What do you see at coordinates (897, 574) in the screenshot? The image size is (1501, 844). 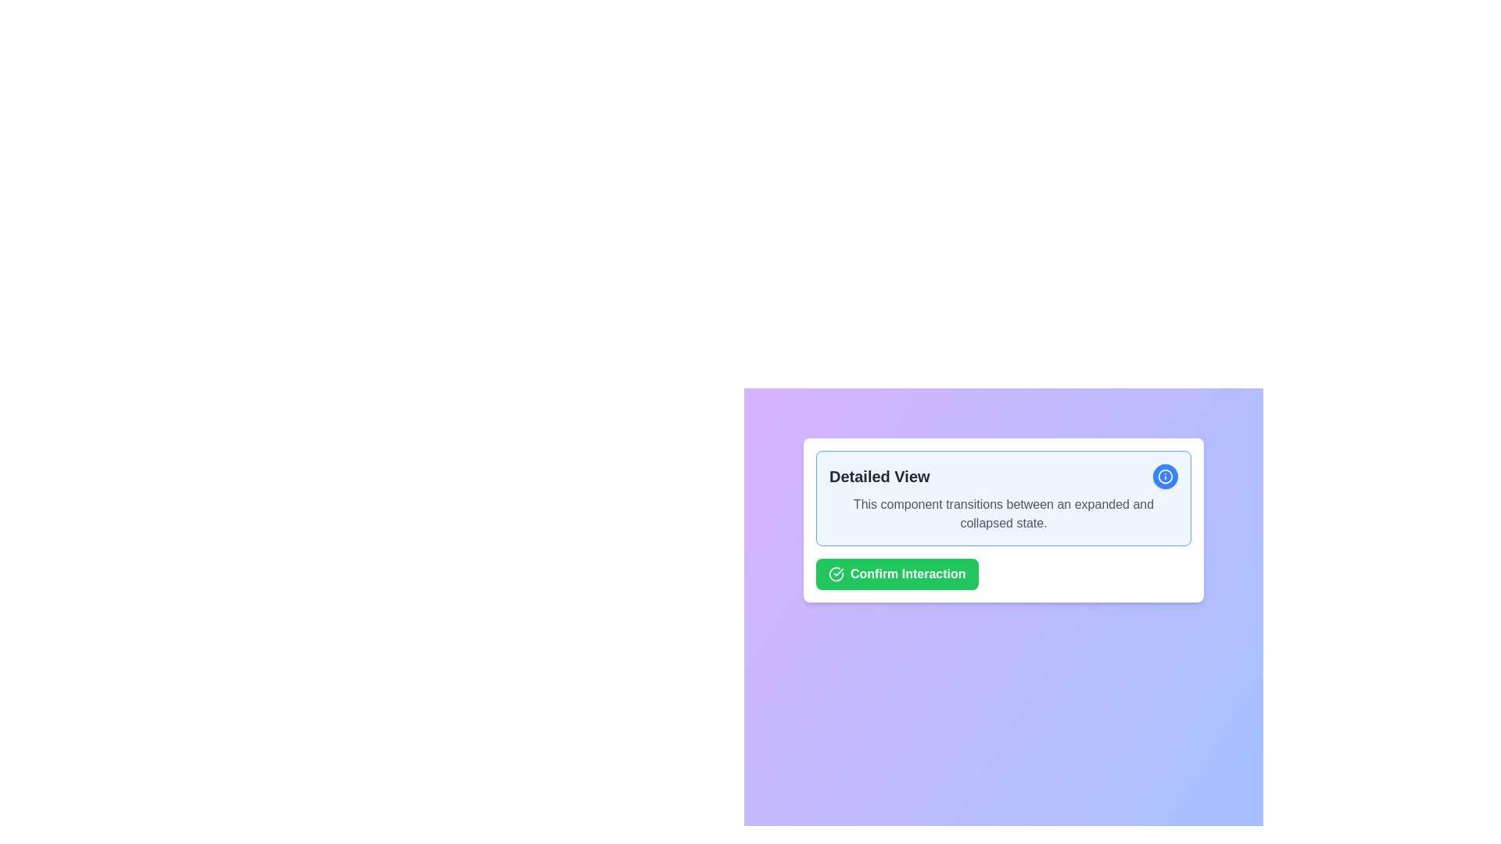 I see `the green button with a white checkmark icon and the text 'Confirm Interaction' located at the bottom of the 'Detailed View' card to confirm the action` at bounding box center [897, 574].